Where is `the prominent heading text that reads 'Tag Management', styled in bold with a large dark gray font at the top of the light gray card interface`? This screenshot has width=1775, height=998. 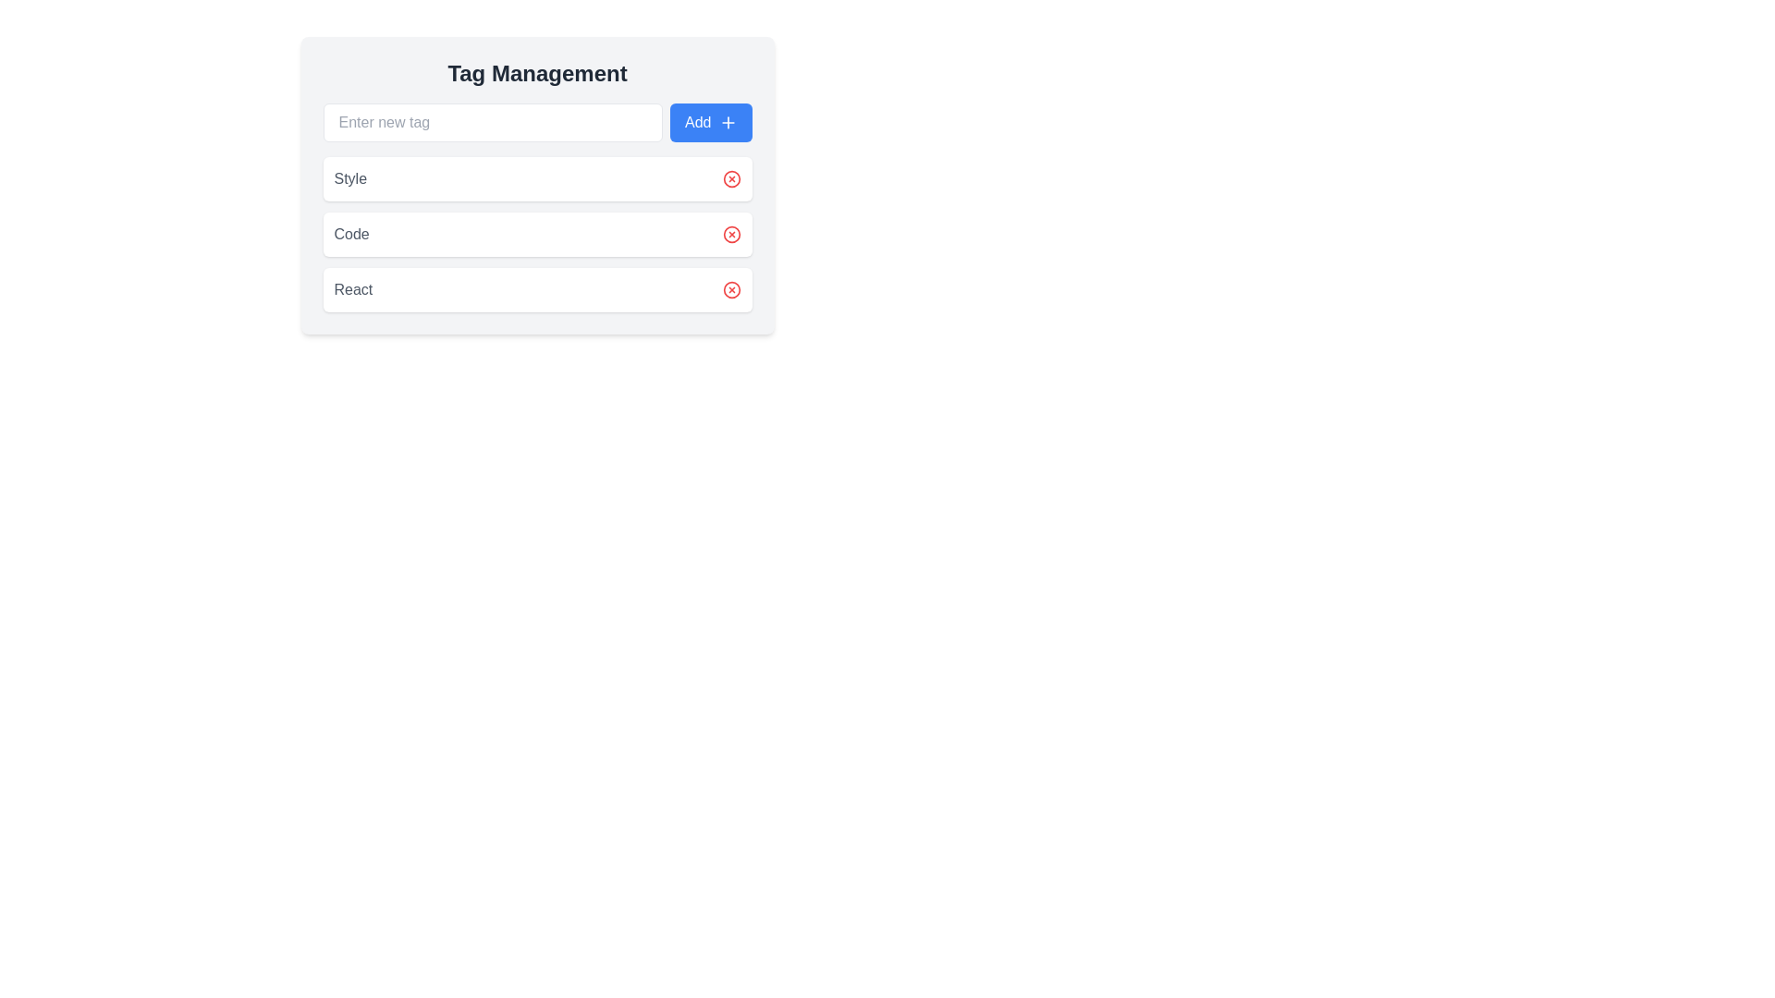 the prominent heading text that reads 'Tag Management', styled in bold with a large dark gray font at the top of the light gray card interface is located at coordinates (536, 73).